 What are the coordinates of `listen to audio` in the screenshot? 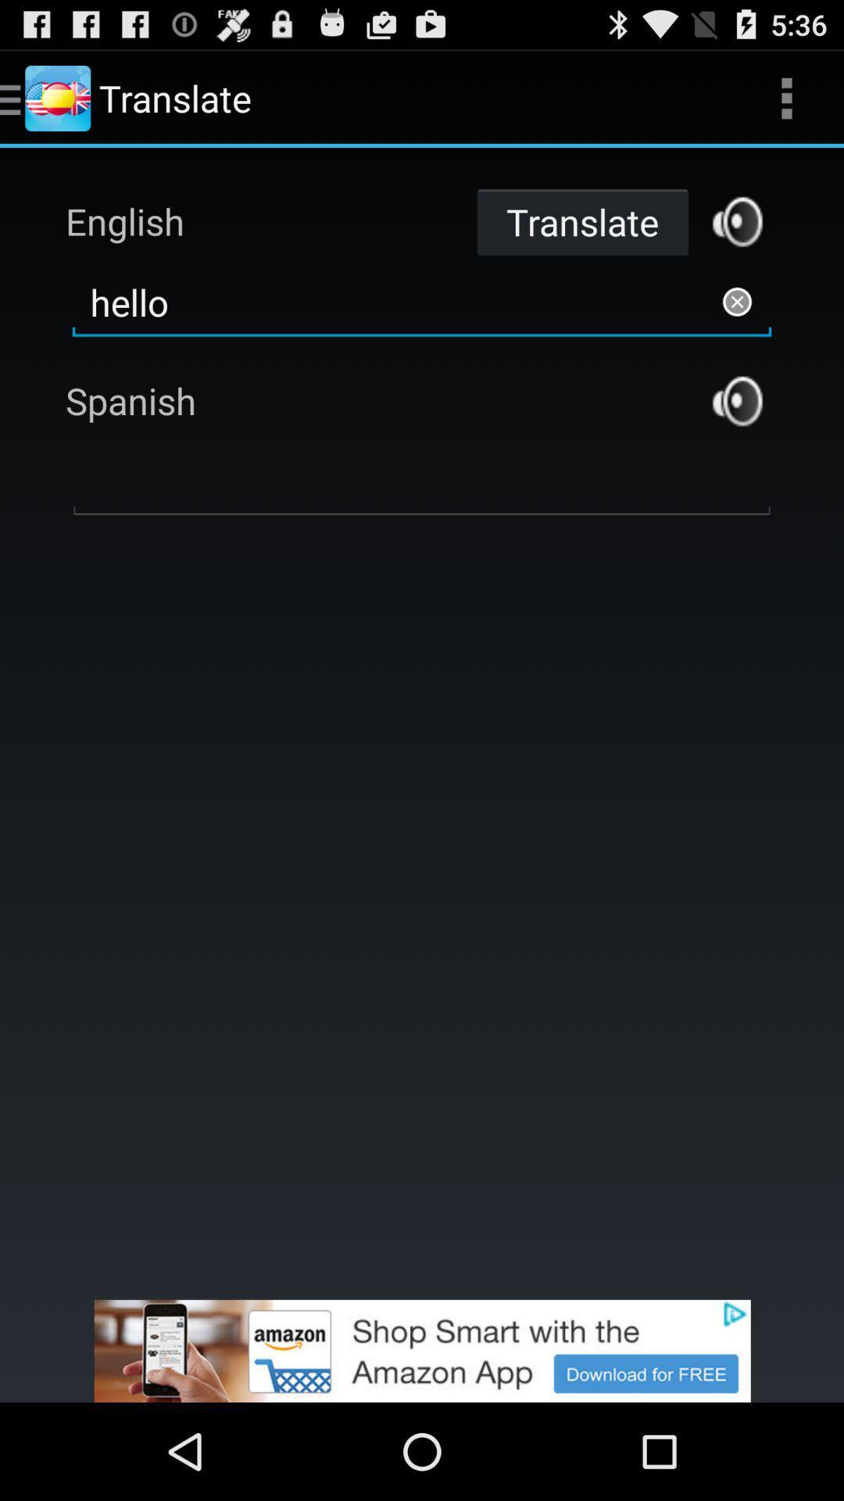 It's located at (737, 220).